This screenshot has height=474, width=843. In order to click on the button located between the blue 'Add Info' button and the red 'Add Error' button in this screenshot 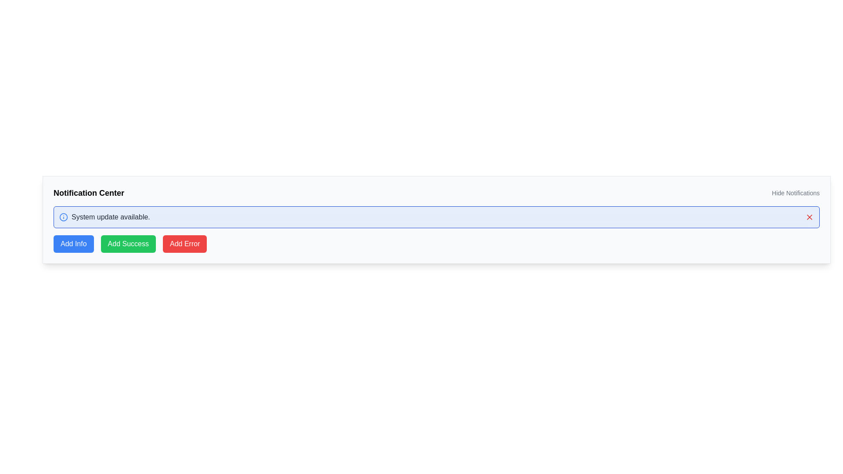, I will do `click(128, 244)`.